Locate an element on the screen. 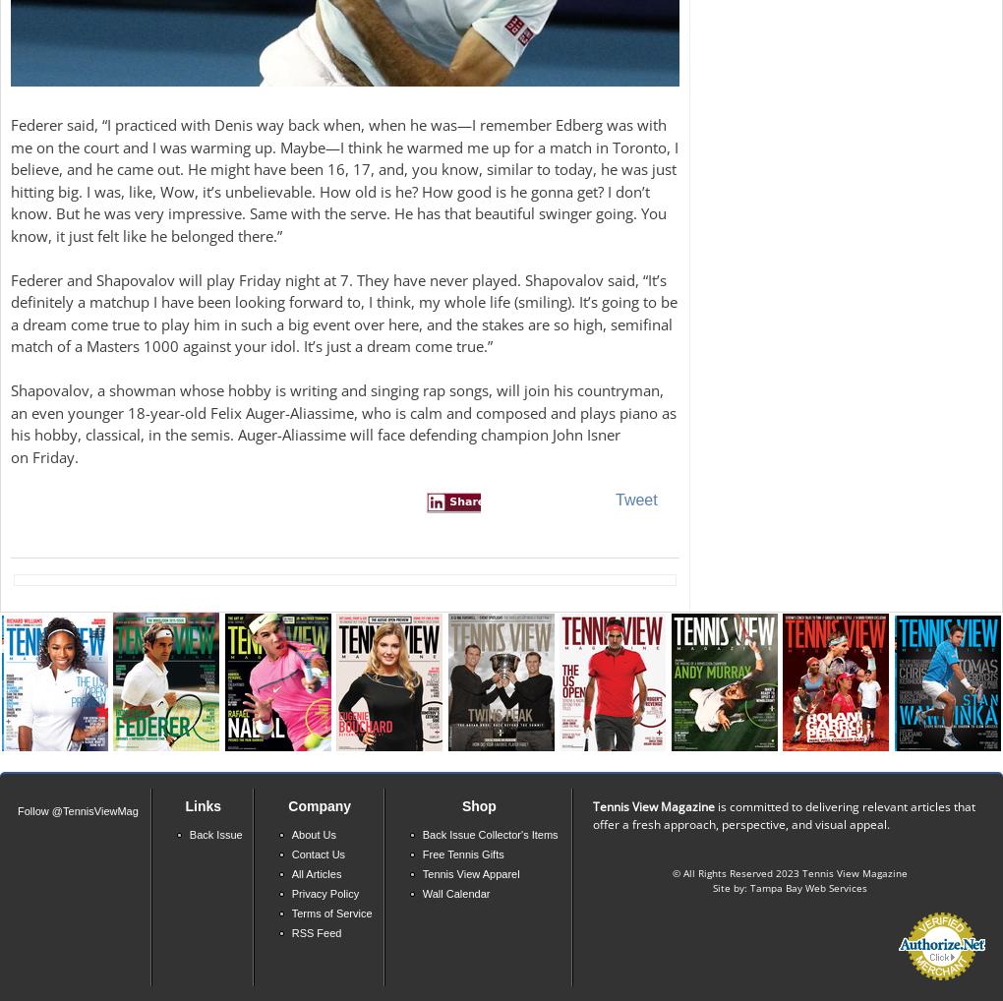  'Site by:' is located at coordinates (730, 887).